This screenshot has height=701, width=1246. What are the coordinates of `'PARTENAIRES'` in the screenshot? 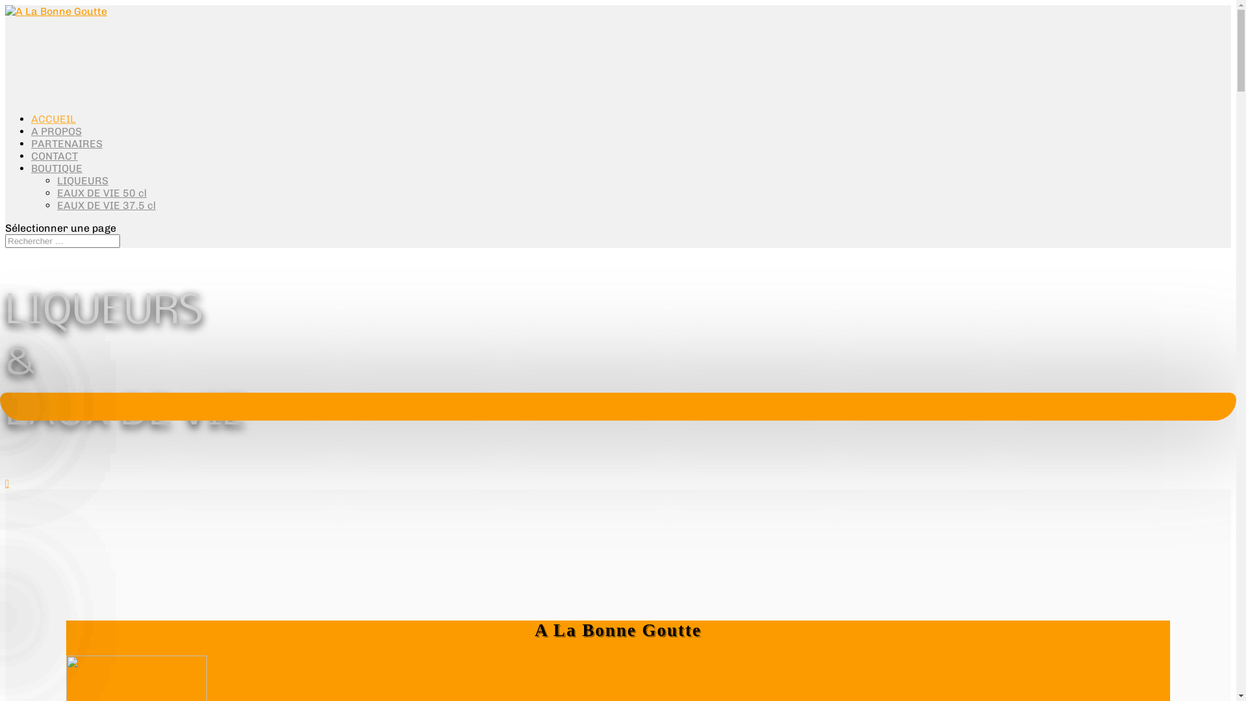 It's located at (66, 143).